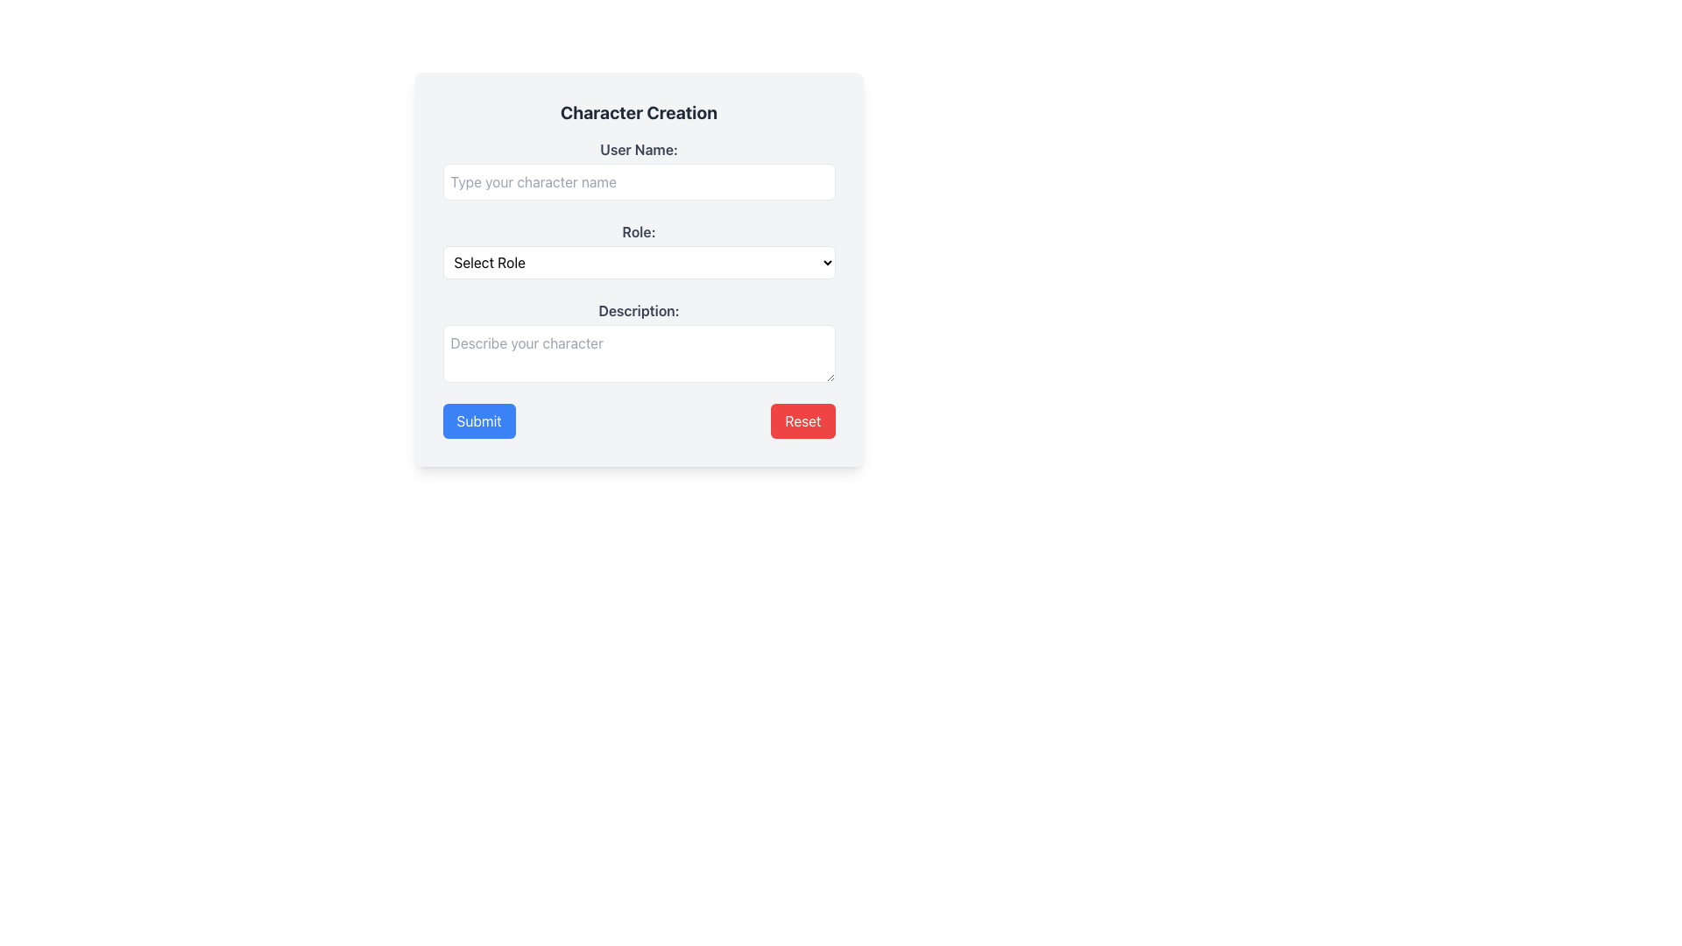 Image resolution: width=1682 pixels, height=946 pixels. I want to click on the rectangular blue 'Submit' button with white bold text to change its color, so click(479, 421).